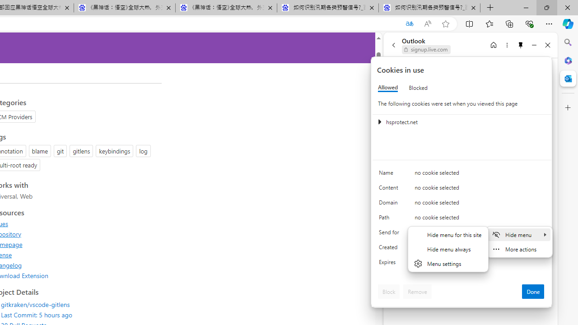 The width and height of the screenshot is (578, 325). What do you see at coordinates (519, 234) in the screenshot?
I see `'Hide menu'` at bounding box center [519, 234].